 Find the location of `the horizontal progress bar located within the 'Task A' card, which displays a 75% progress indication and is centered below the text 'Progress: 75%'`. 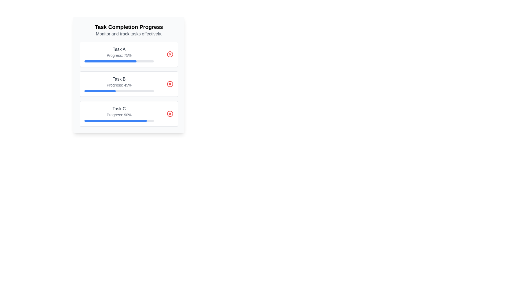

the horizontal progress bar located within the 'Task A' card, which displays a 75% progress indication and is centered below the text 'Progress: 75%' is located at coordinates (119, 61).